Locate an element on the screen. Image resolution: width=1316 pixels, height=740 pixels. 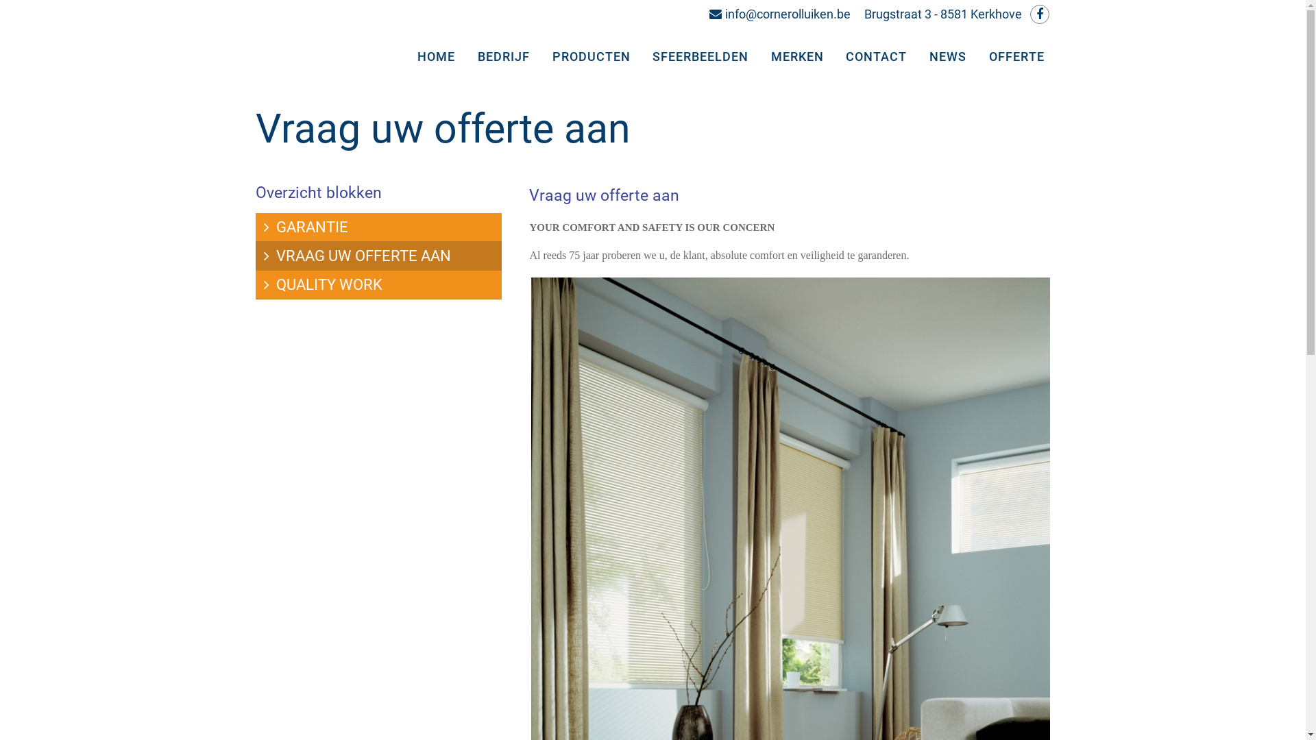
'PRODUCTEN' is located at coordinates (549, 56).